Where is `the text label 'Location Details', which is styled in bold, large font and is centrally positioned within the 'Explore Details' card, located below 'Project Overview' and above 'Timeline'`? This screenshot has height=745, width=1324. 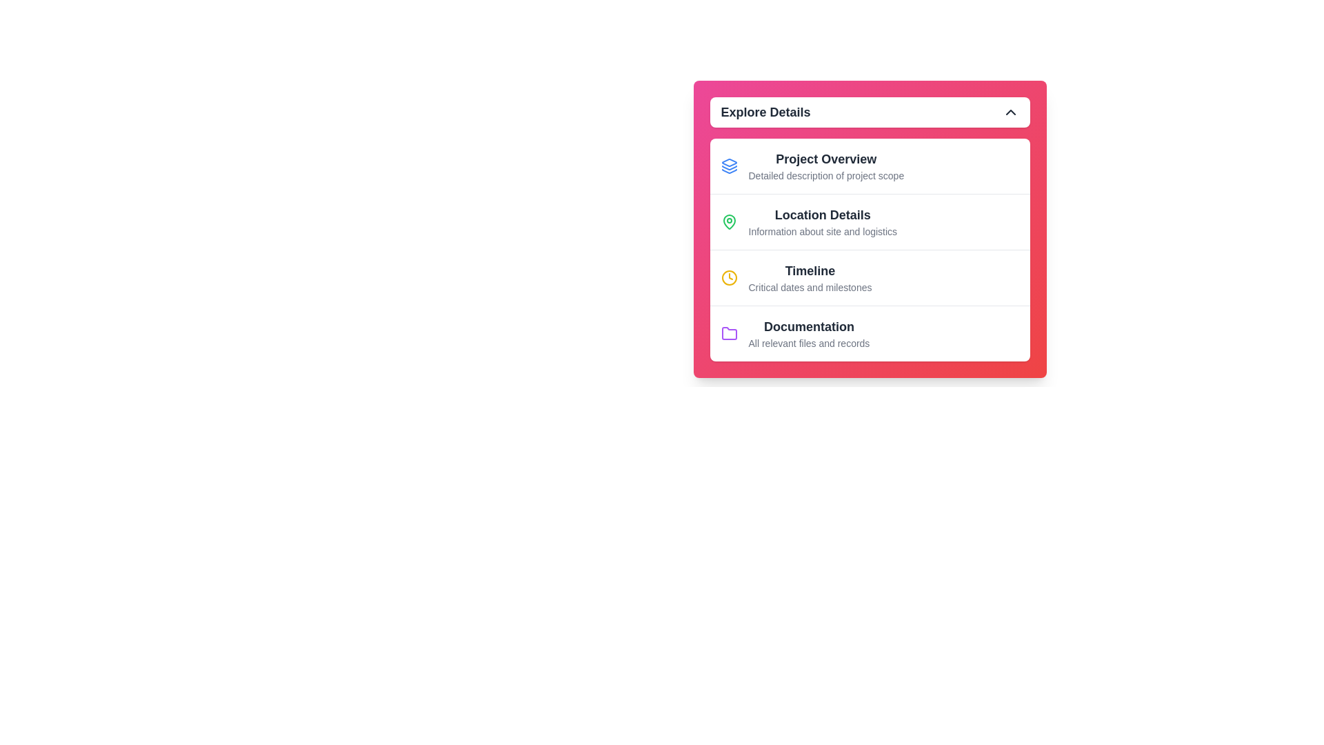
the text label 'Location Details', which is styled in bold, large font and is centrally positioned within the 'Explore Details' card, located below 'Project Overview' and above 'Timeline' is located at coordinates (823, 215).